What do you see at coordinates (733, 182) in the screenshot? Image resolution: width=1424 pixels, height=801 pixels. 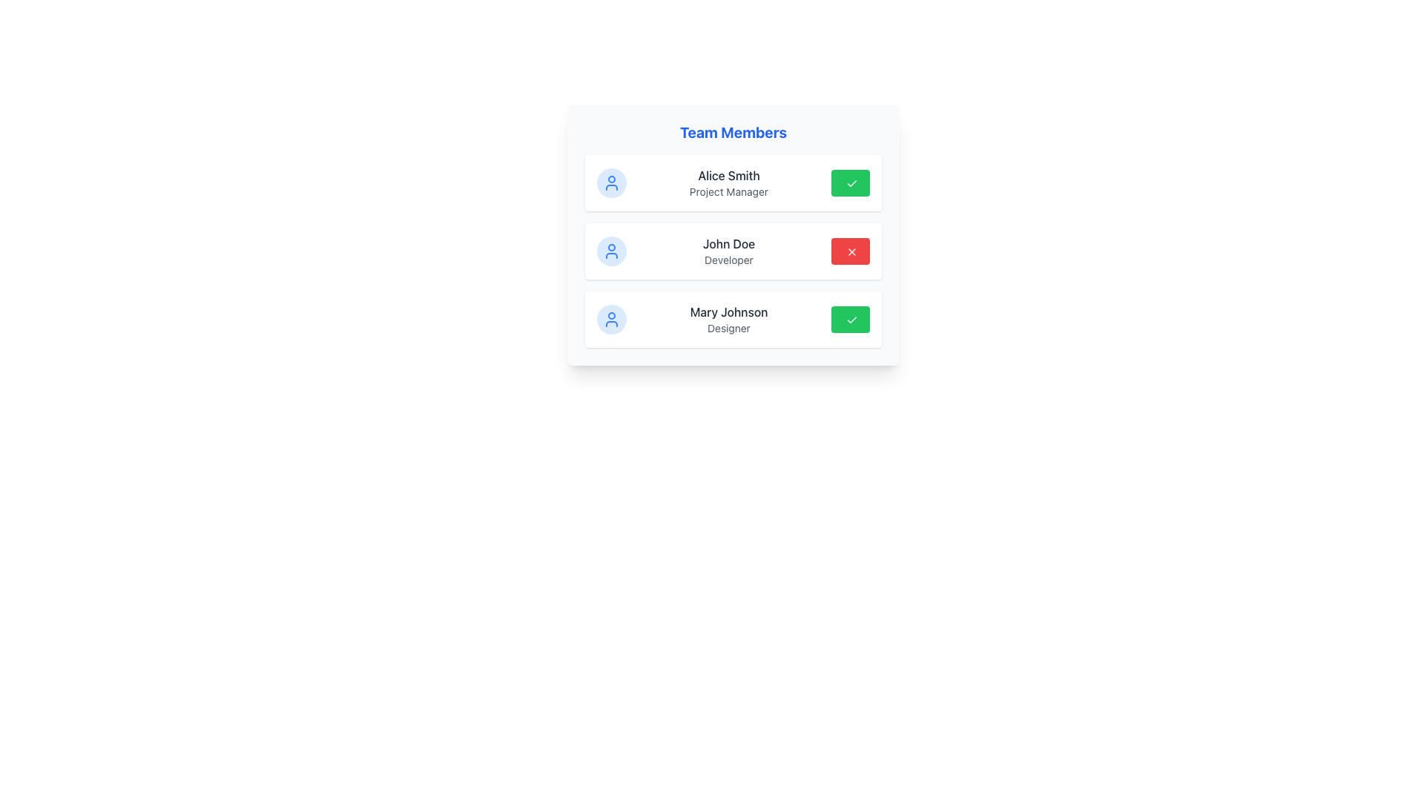 I see `the List Item Card displaying 'Alice Smith', a 'Project Manager', which is the first card in the 'Team Members' section` at bounding box center [733, 182].